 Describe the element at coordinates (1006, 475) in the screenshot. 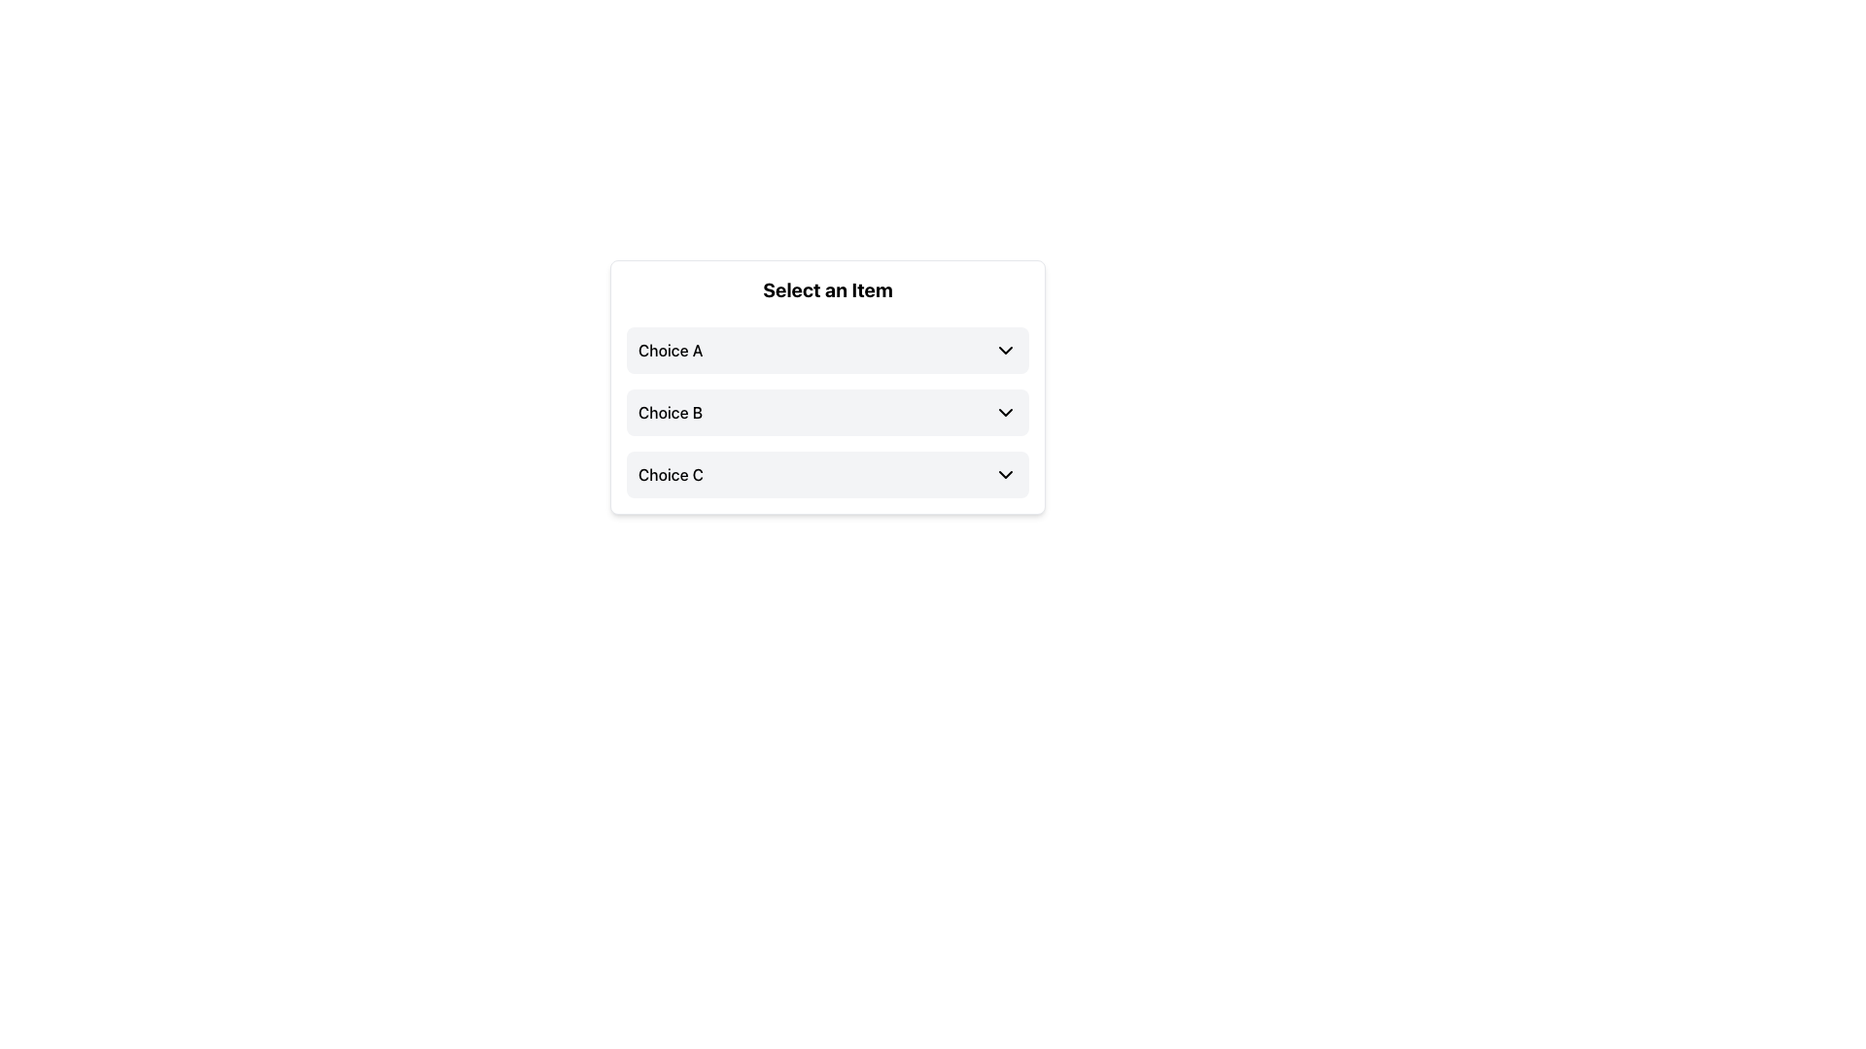

I see `the downward-facing chevron icon next to the 'Choice C' label` at that location.